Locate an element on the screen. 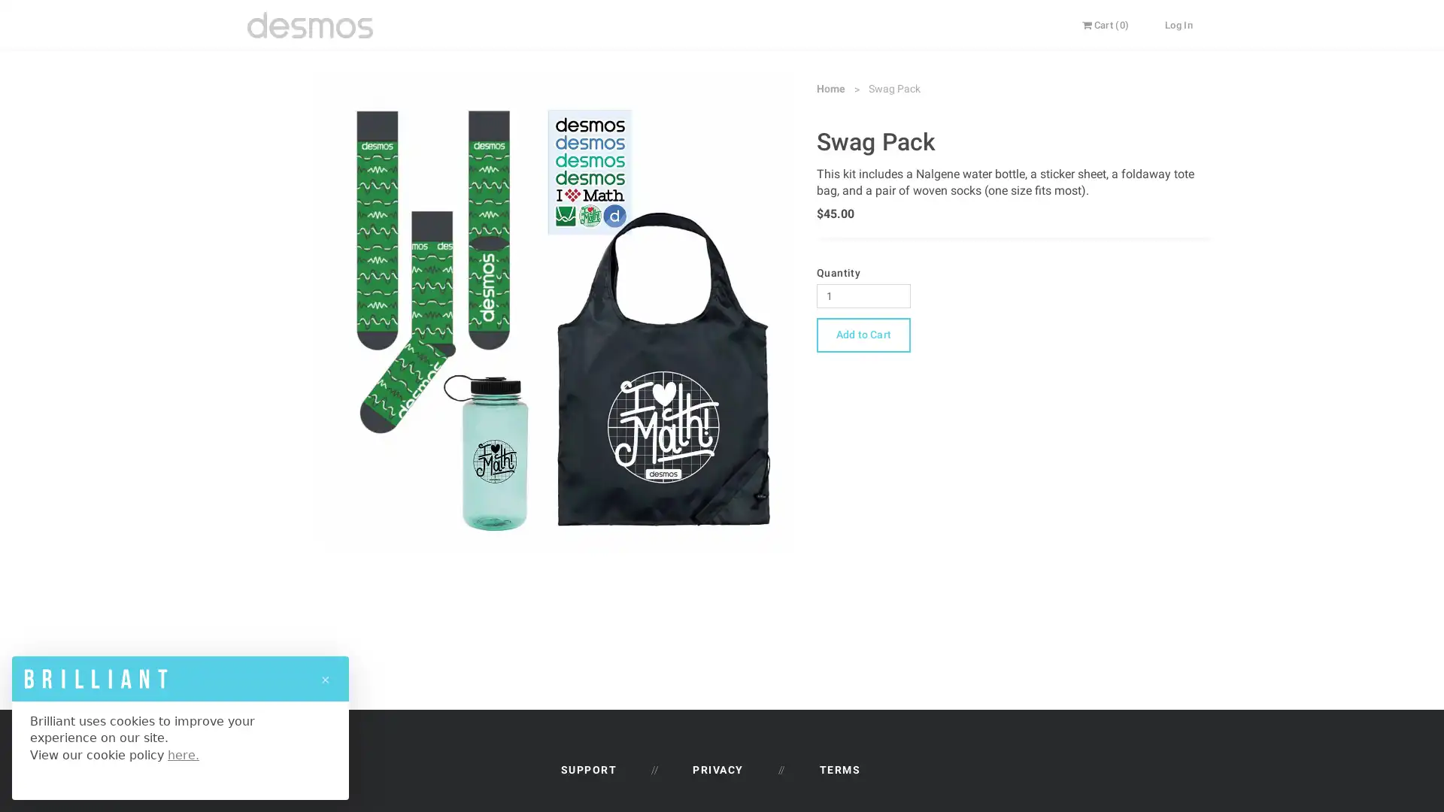 The width and height of the screenshot is (1444, 812). Add to Cart is located at coordinates (863, 333).